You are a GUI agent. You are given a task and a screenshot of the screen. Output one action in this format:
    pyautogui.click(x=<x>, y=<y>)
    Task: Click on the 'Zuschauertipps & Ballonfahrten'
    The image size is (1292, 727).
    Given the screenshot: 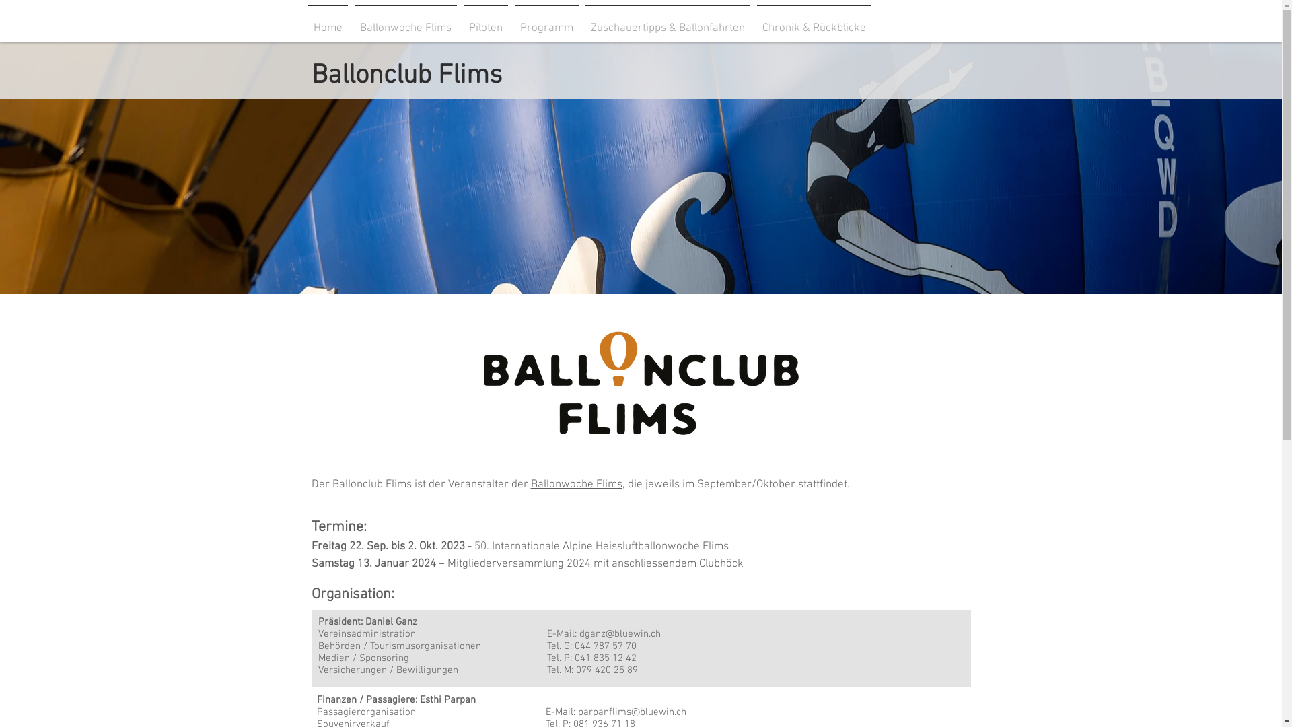 What is the action you would take?
    pyautogui.click(x=667, y=22)
    